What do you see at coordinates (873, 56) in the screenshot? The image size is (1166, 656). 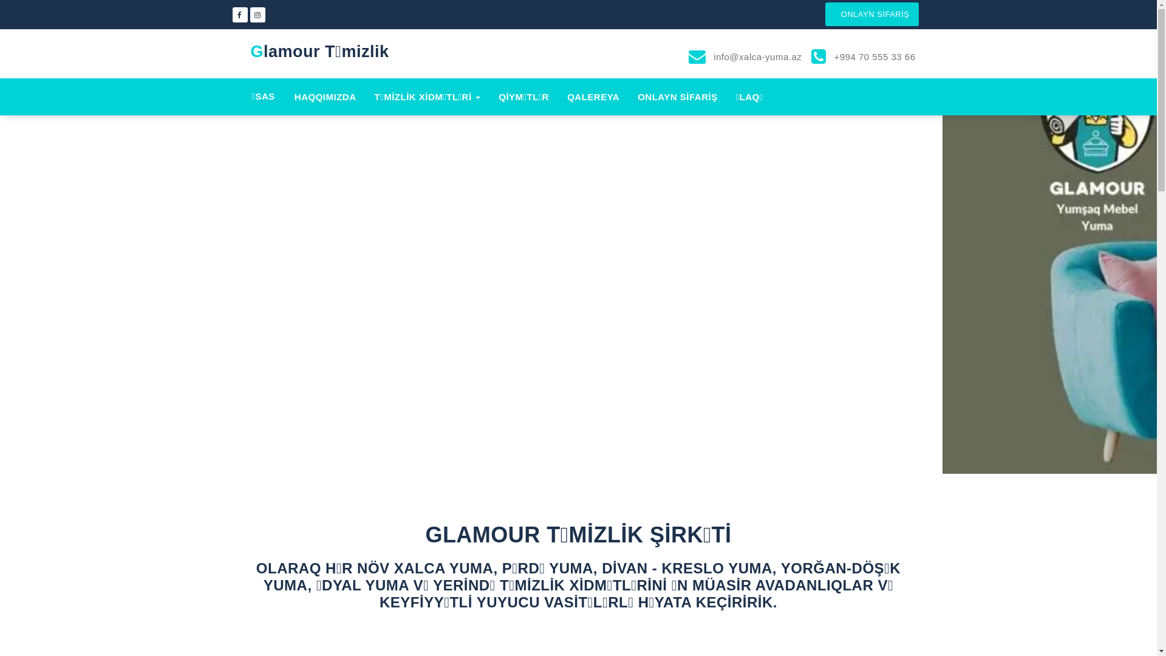 I see `'+994 70 555 33 66'` at bounding box center [873, 56].